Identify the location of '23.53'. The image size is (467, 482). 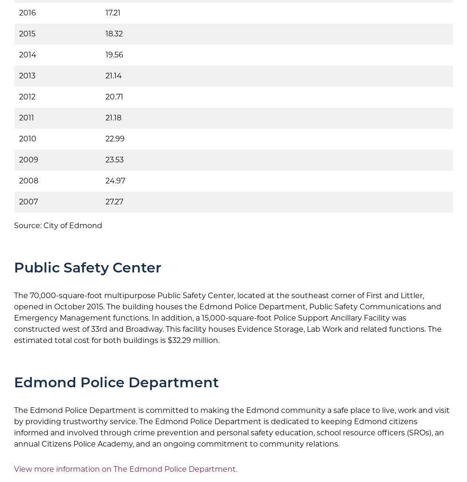
(105, 159).